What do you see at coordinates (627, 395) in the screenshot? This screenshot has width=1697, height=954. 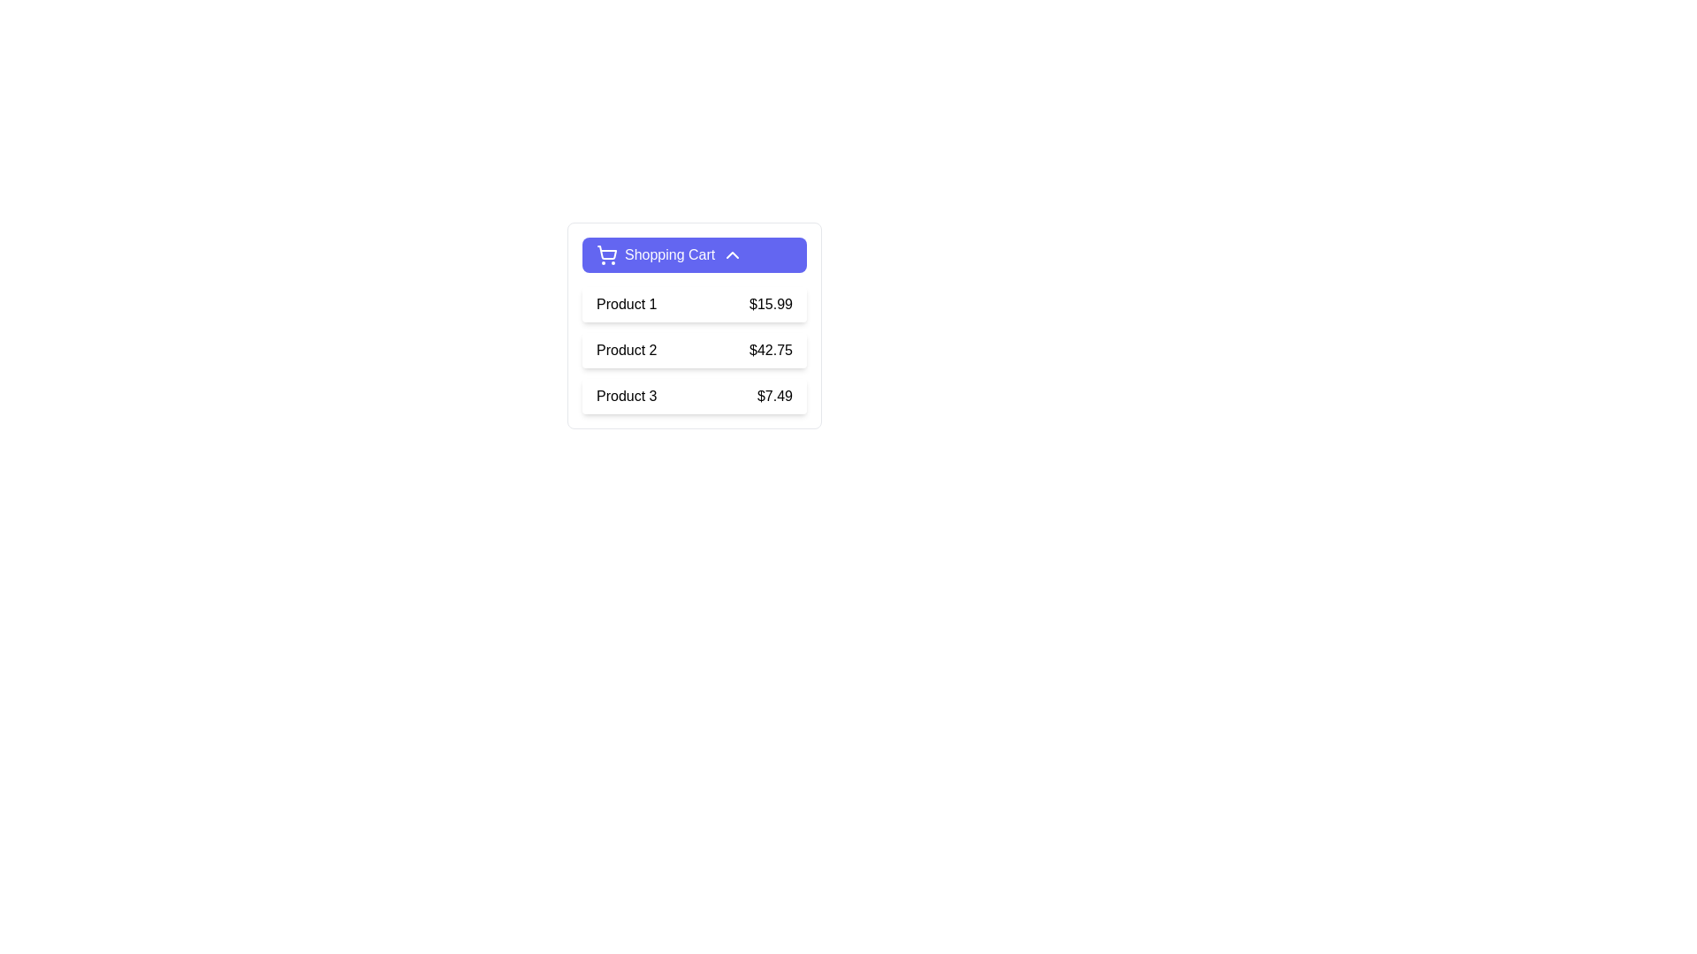 I see `the text label displaying 'Product 3', which is styled in black and positioned within a list of product items, located to the left of the price '$7.49'` at bounding box center [627, 395].